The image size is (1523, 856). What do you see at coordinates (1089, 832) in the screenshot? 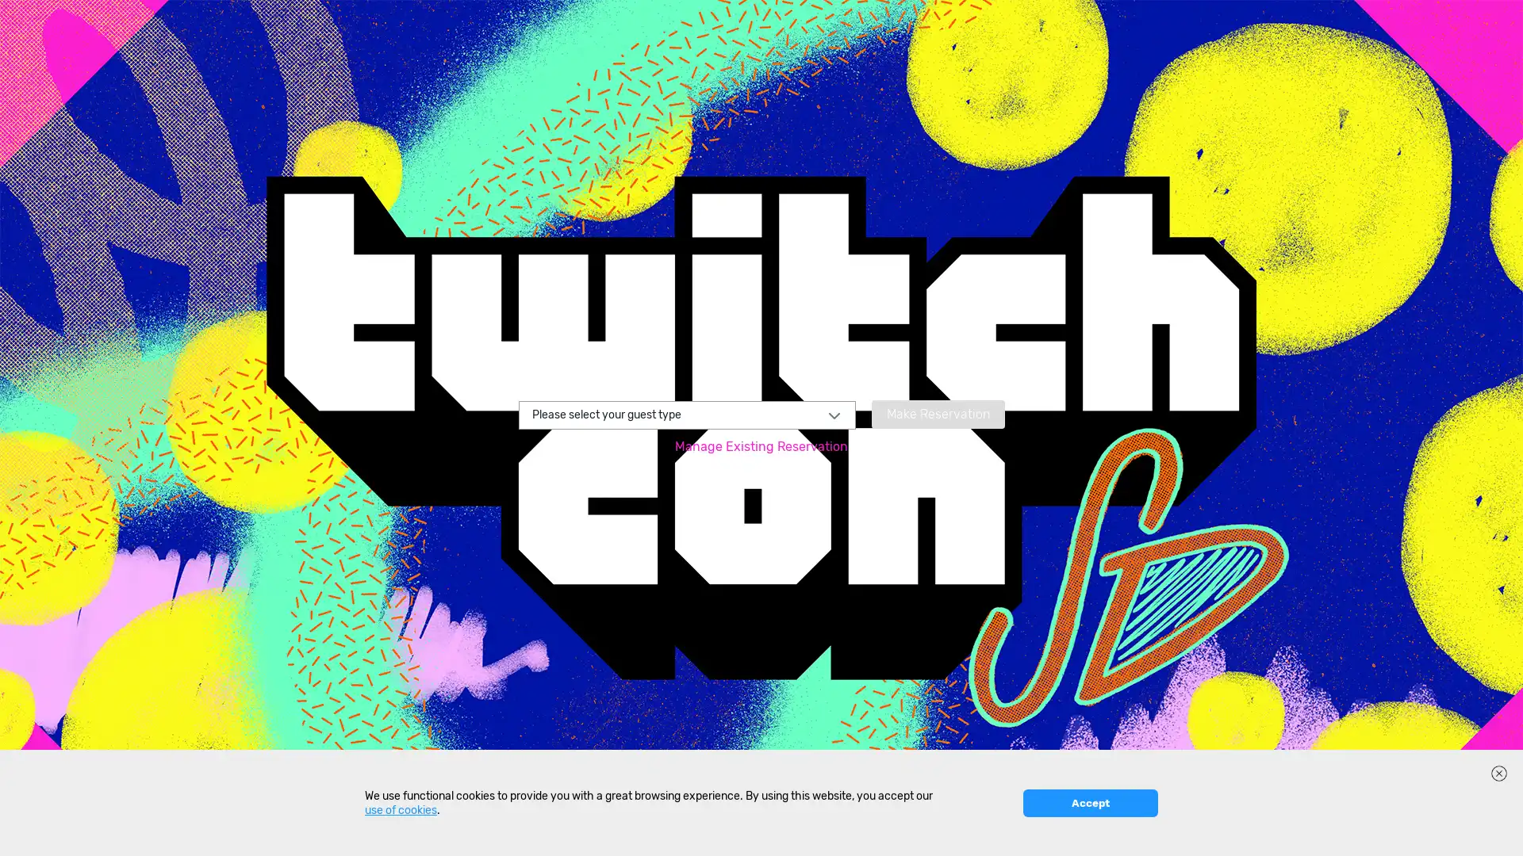
I see `Accept` at bounding box center [1089, 832].